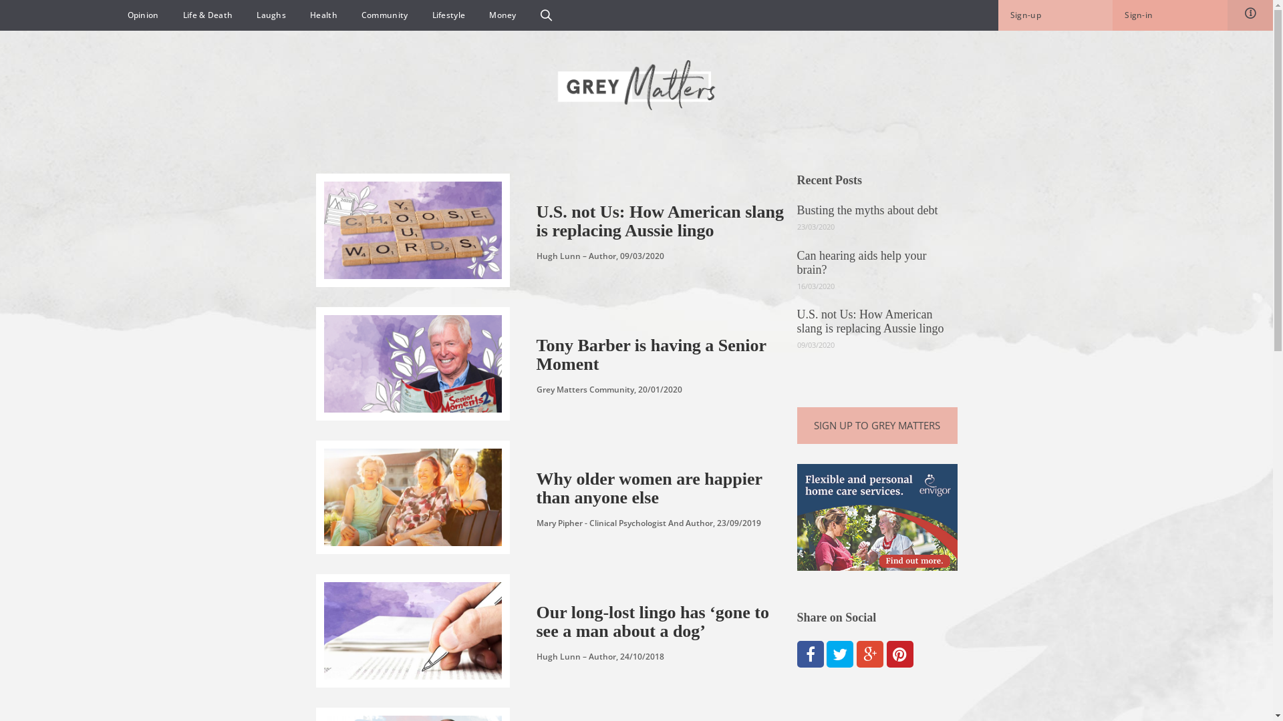  Describe the element at coordinates (715, 522) in the screenshot. I see `'23/09/2019'` at that location.